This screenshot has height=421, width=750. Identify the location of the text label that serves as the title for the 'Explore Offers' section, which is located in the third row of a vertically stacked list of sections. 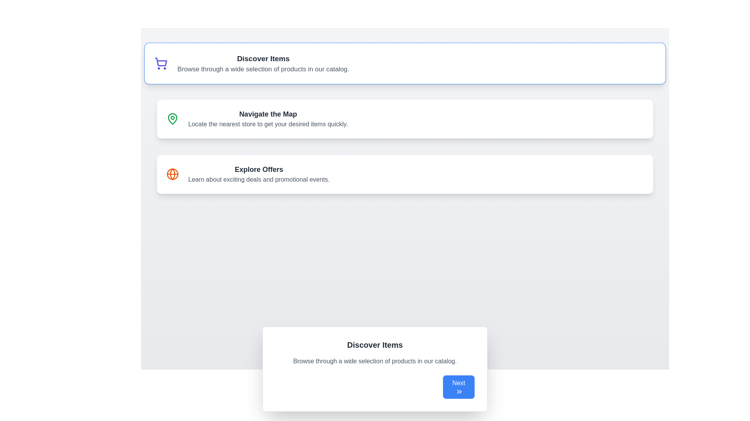
(259, 169).